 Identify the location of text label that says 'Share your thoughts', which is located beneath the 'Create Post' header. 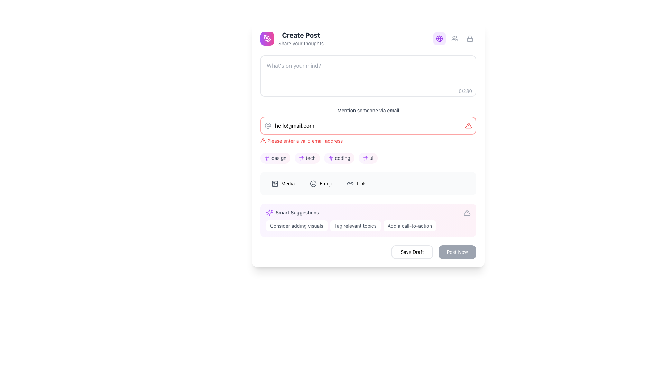
(301, 44).